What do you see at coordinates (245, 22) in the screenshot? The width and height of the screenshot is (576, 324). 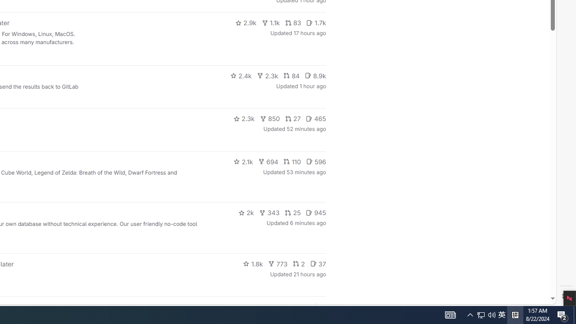 I see `'2.9k'` at bounding box center [245, 22].